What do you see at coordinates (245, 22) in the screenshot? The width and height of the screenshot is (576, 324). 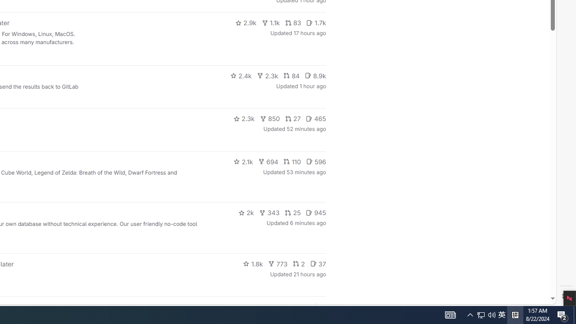 I see `'2.9k'` at bounding box center [245, 22].